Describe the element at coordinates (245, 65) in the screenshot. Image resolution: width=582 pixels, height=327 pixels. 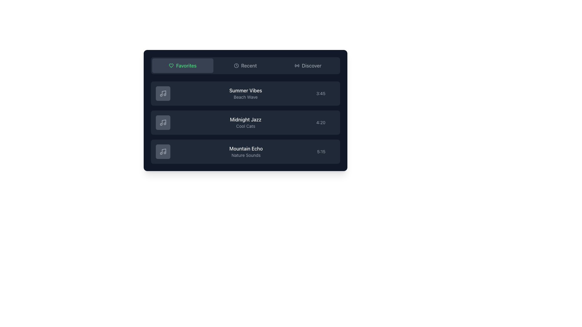
I see `the Selector Tab located in the upper segment of the interface, between 'Favorites' and 'Discover'` at that location.